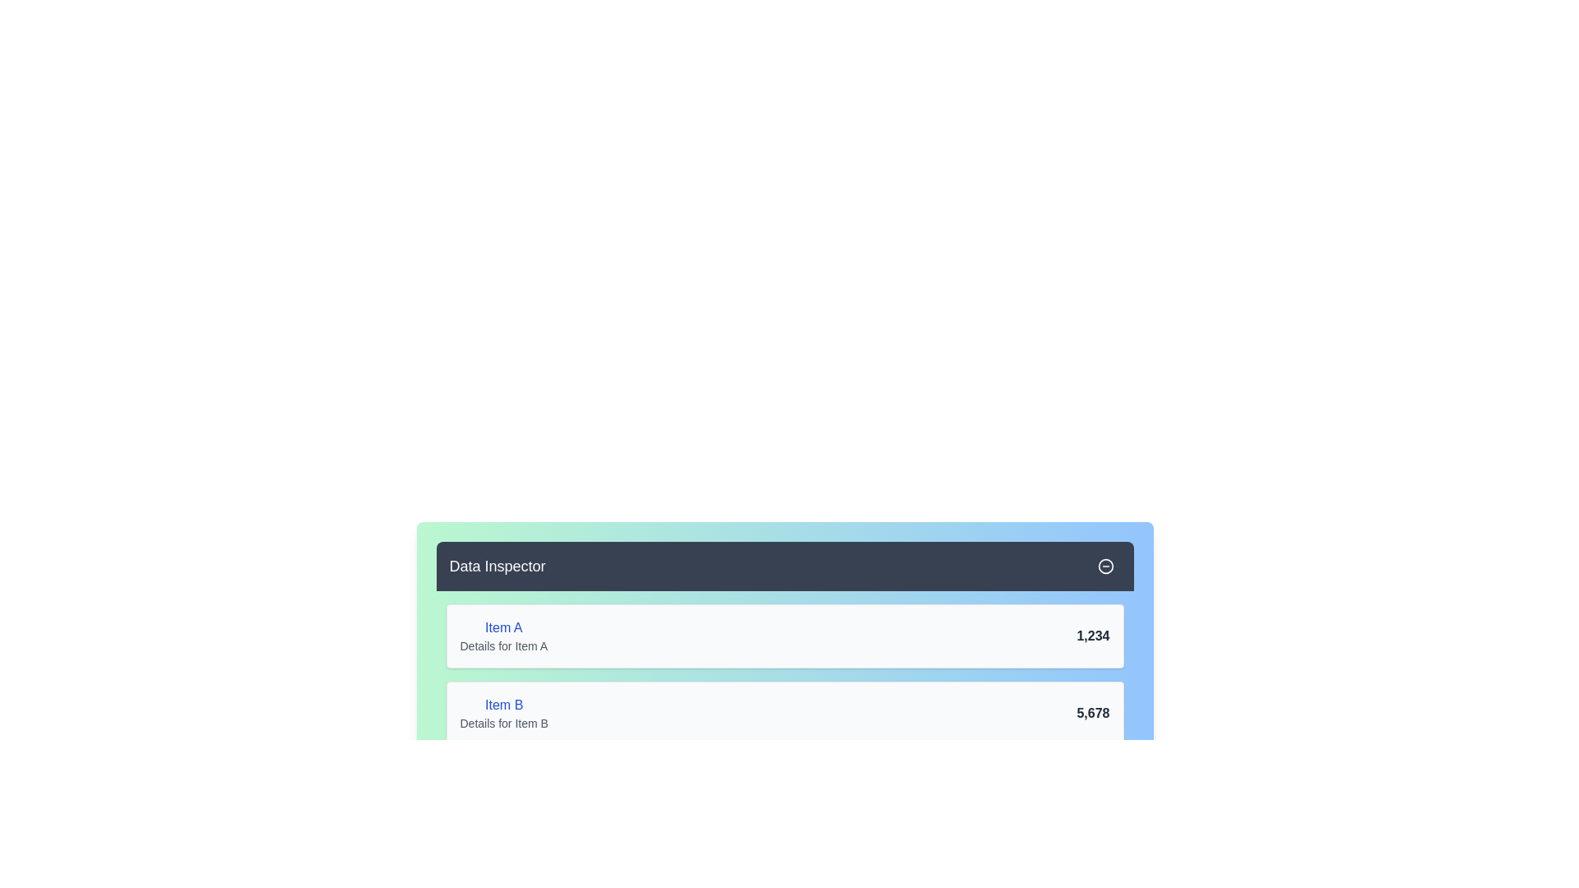 The height and width of the screenshot is (888, 1579). Describe the element at coordinates (1105, 566) in the screenshot. I see `the close button with a minus icon located at the far right of the 'Data Inspector' header bar` at that location.